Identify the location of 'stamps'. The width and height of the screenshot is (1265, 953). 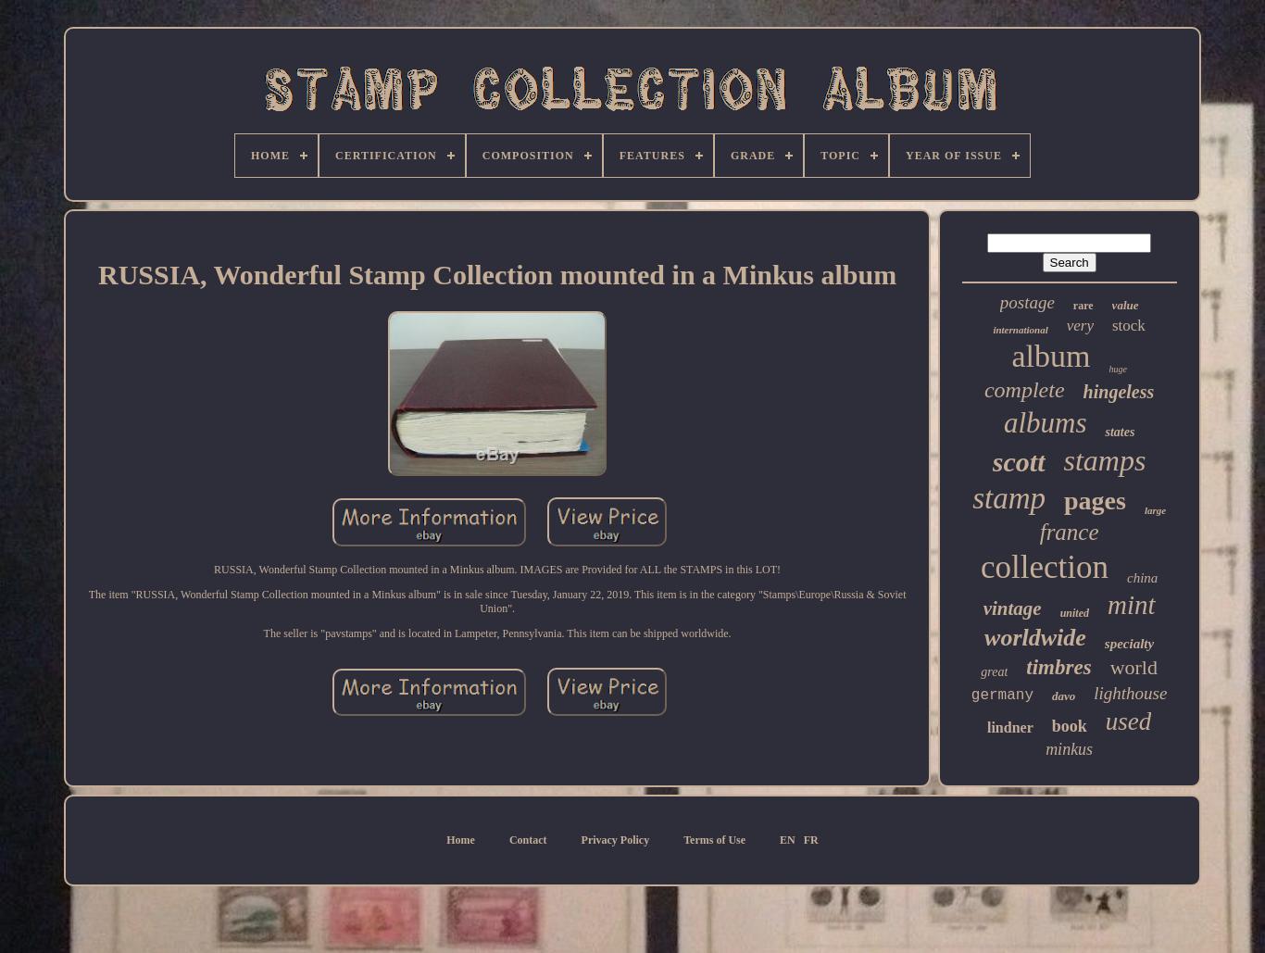
(1104, 460).